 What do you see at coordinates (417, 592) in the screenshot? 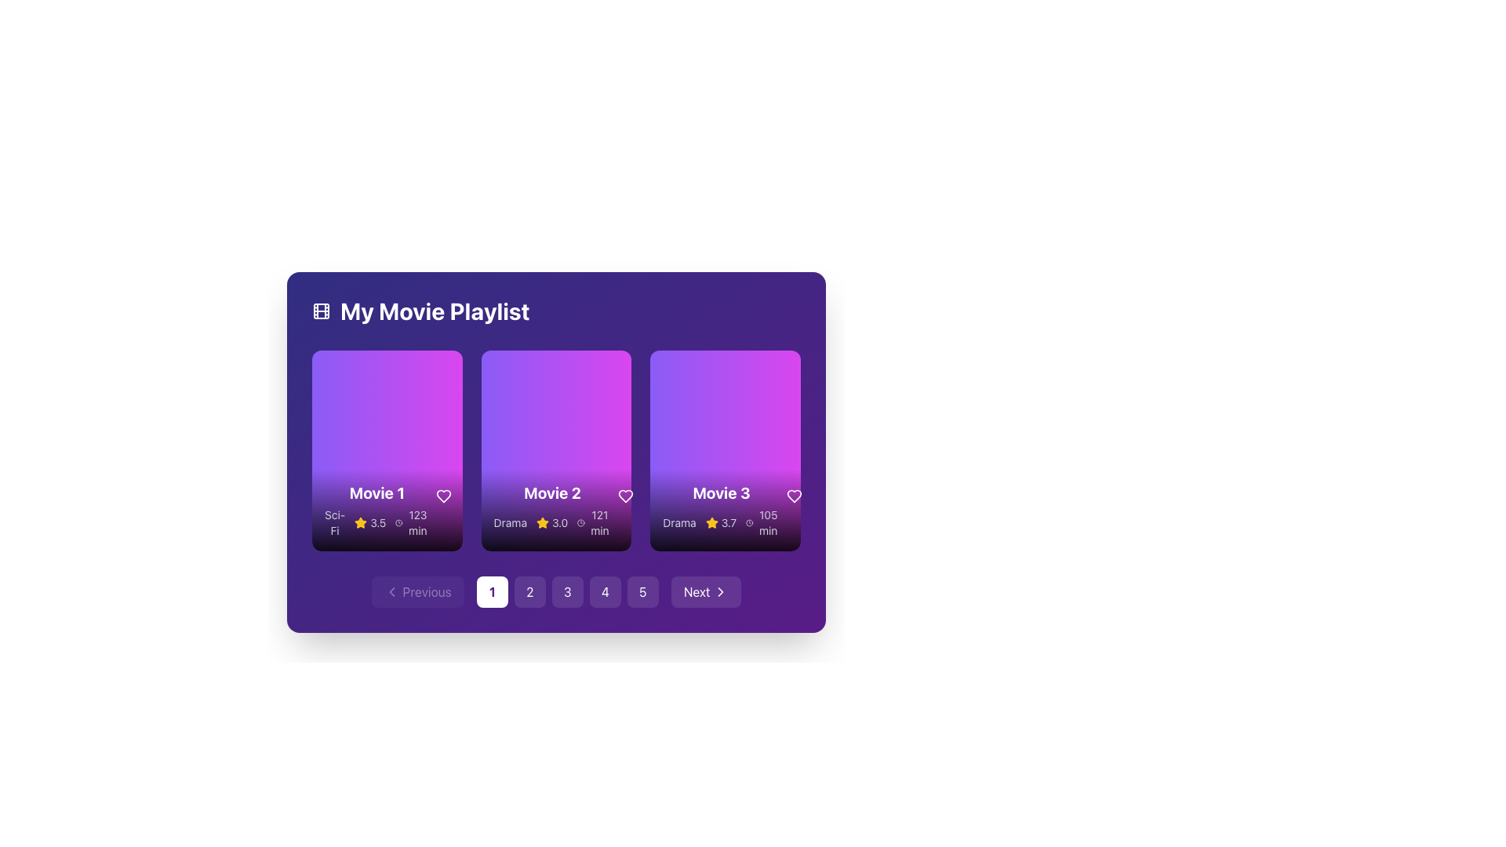
I see `the pagination control button located at the bottom-left corner` at bounding box center [417, 592].